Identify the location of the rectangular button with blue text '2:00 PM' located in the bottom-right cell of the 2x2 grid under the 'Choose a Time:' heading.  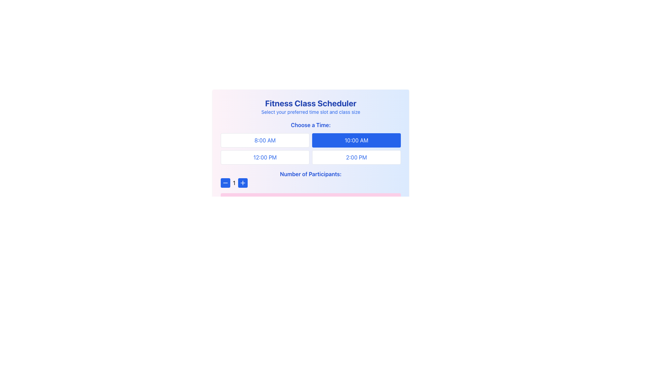
(356, 157).